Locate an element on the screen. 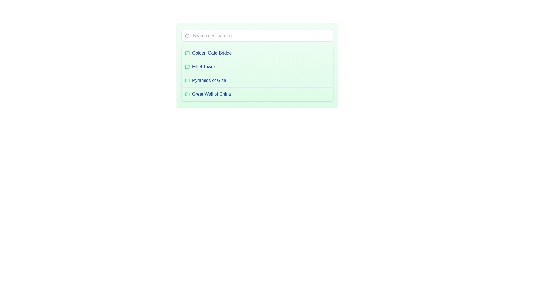 The height and width of the screenshot is (302, 537). the search icon located to the left of the search input field in the search bar at the top of the list interface is located at coordinates (187, 36).